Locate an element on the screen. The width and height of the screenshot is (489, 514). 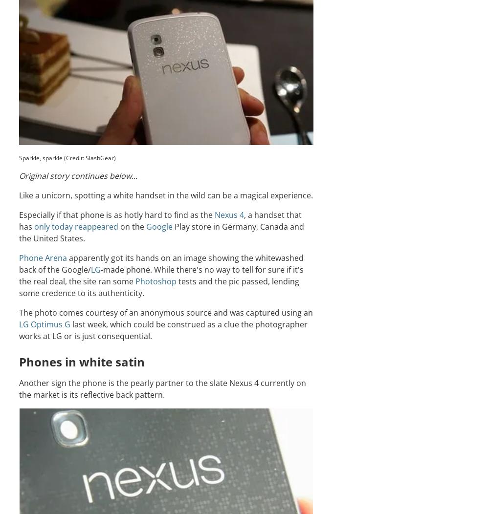
'last week, which could be construed as a clue the photographer works at LG or is just consequential.' is located at coordinates (19, 329).